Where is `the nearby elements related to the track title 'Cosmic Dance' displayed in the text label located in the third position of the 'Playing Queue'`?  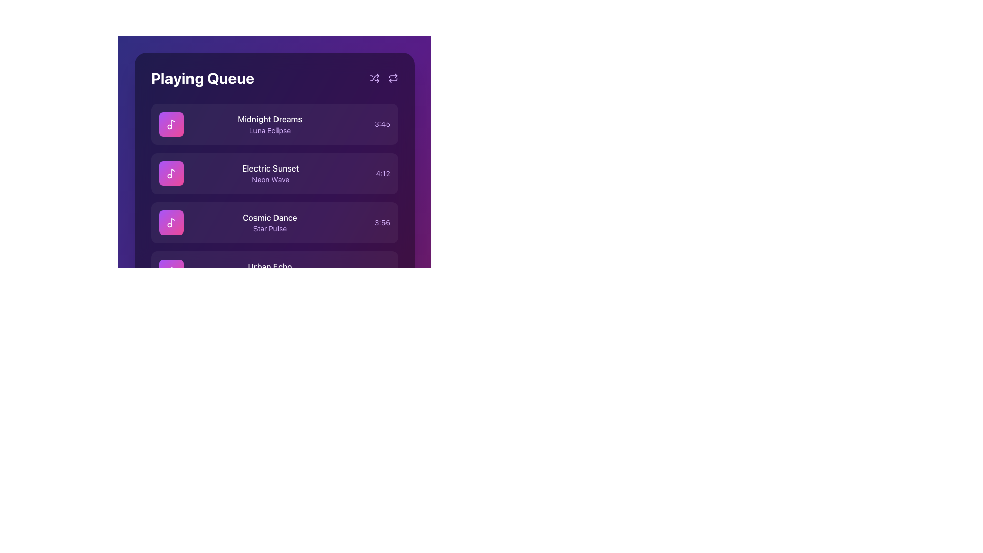
the nearby elements related to the track title 'Cosmic Dance' displayed in the text label located in the third position of the 'Playing Queue' is located at coordinates (270, 217).